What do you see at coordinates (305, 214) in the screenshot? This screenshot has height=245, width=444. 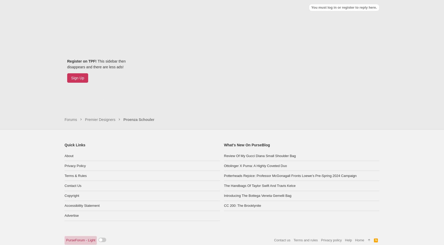 I see `'Terms and rules'` at bounding box center [305, 214].